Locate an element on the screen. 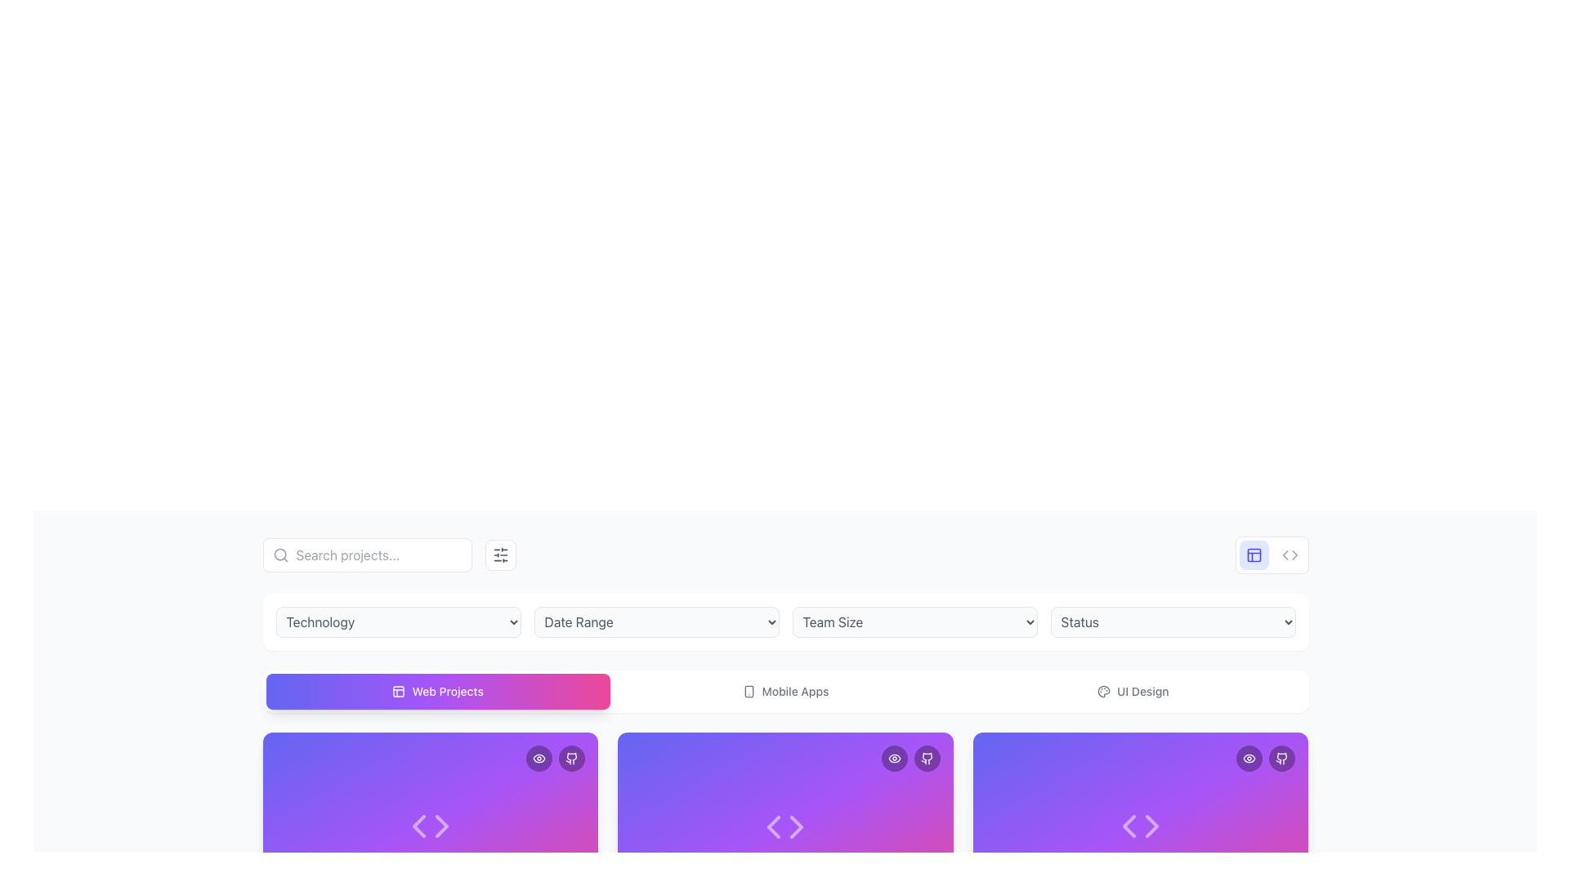 The width and height of the screenshot is (1569, 882). the leftmost button labeled 'Web Projects' is located at coordinates (438, 692).